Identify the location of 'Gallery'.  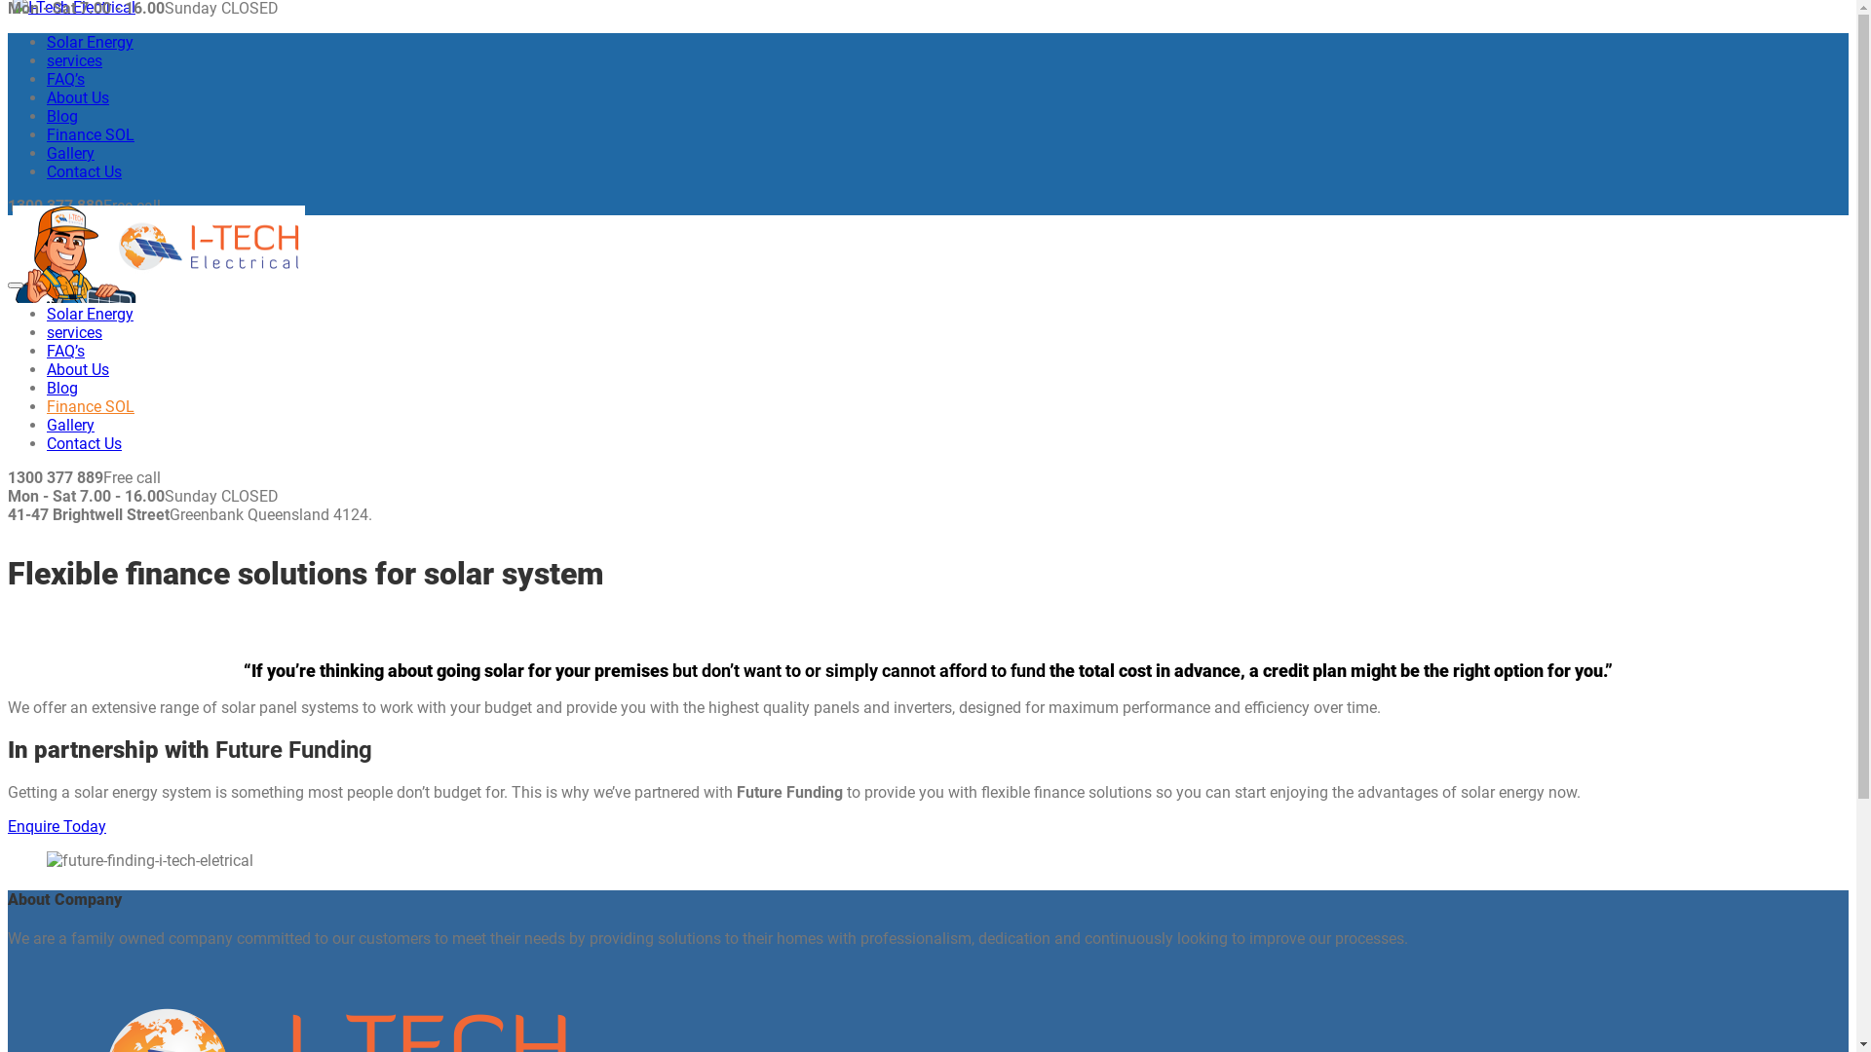
(70, 152).